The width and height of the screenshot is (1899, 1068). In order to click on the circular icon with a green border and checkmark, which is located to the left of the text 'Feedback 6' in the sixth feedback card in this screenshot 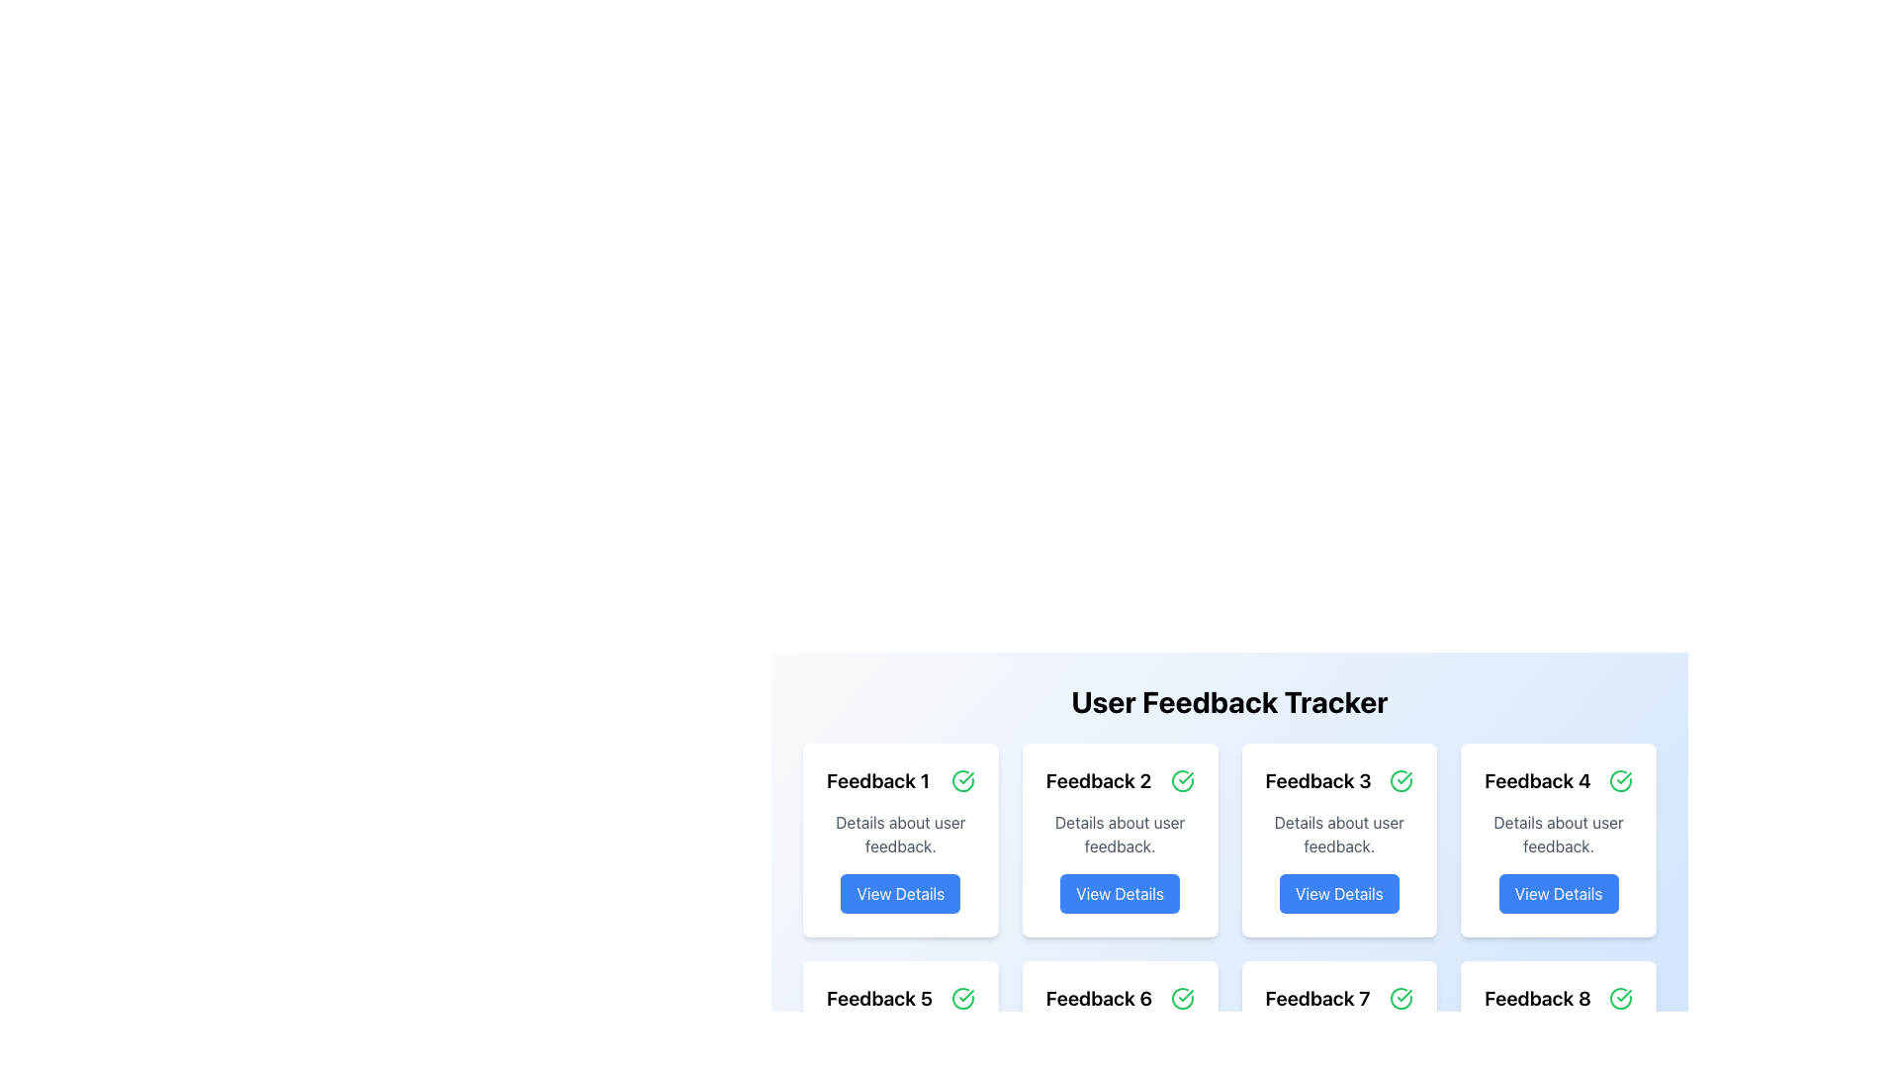, I will do `click(1182, 999)`.